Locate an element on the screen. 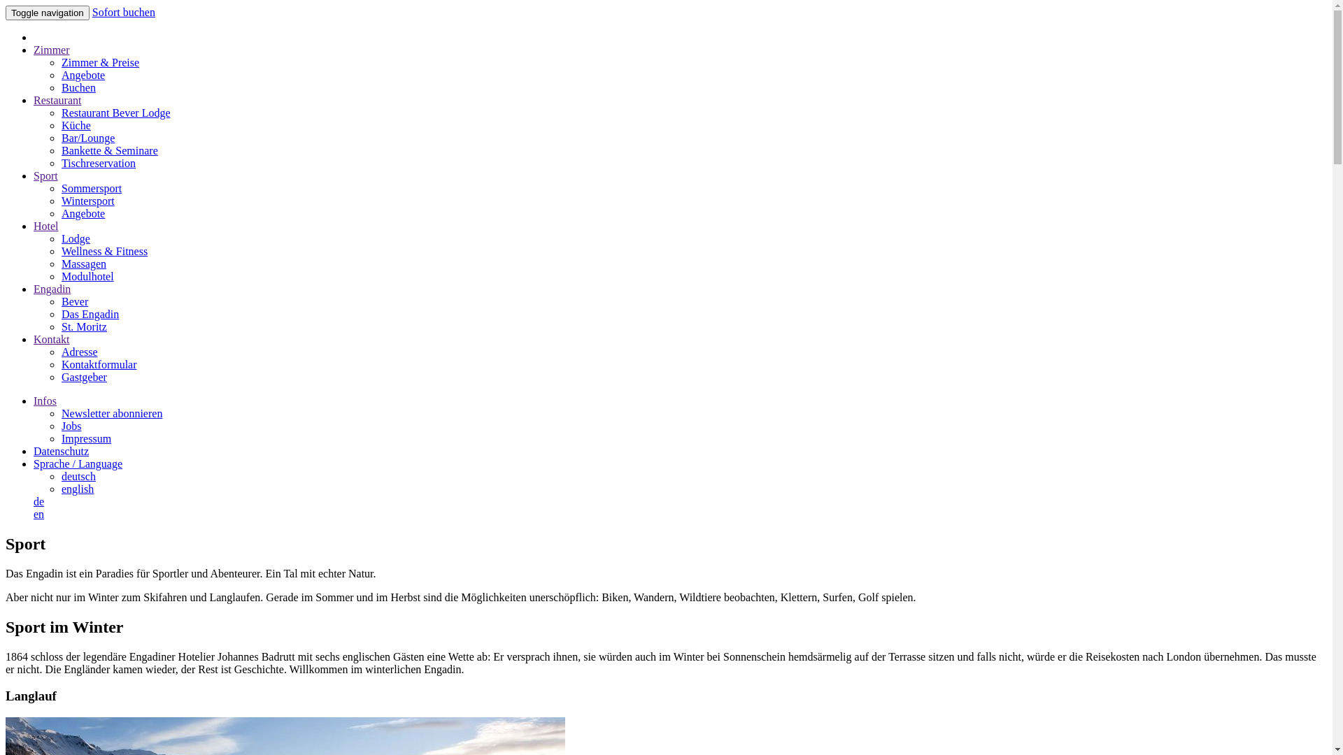  'Kontakt' is located at coordinates (51, 339).